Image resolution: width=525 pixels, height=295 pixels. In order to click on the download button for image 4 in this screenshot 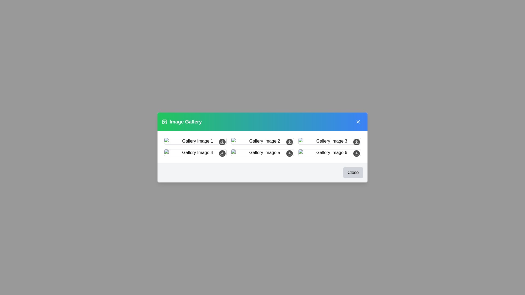, I will do `click(222, 154)`.